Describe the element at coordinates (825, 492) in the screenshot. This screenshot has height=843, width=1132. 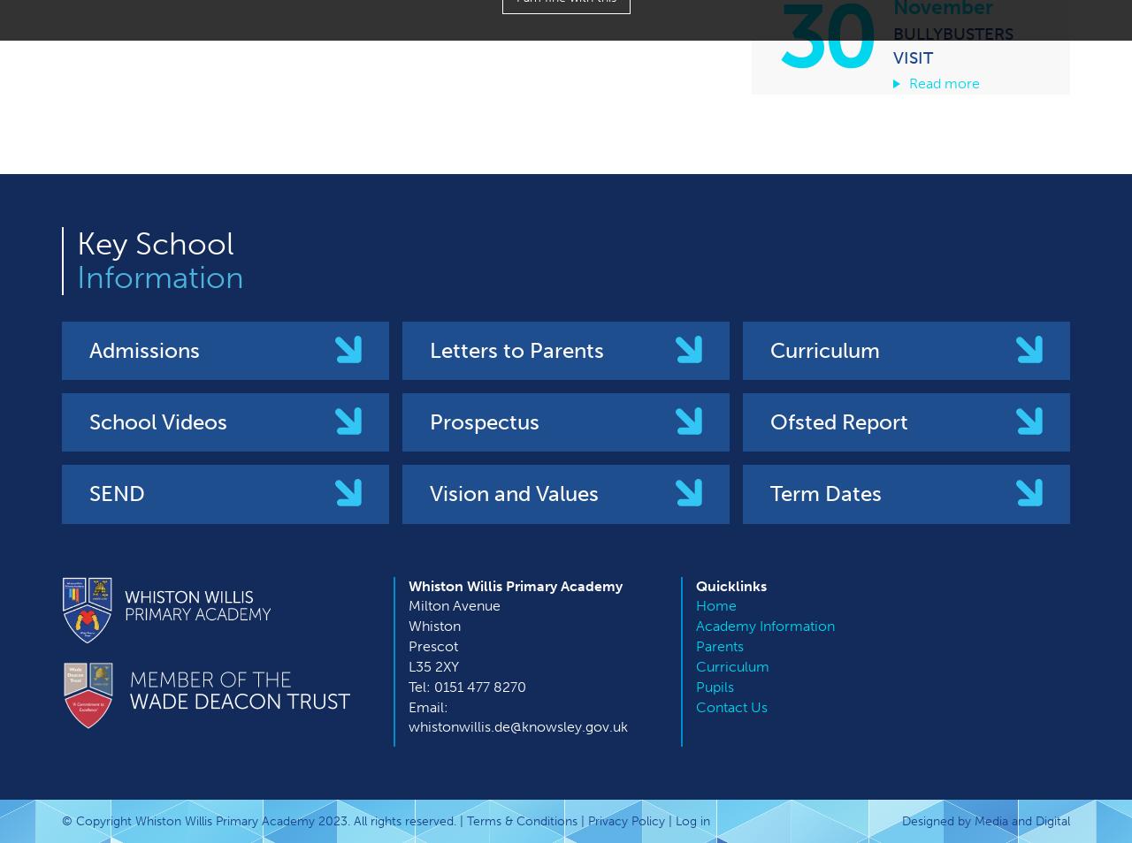
I see `'Term Dates'` at that location.